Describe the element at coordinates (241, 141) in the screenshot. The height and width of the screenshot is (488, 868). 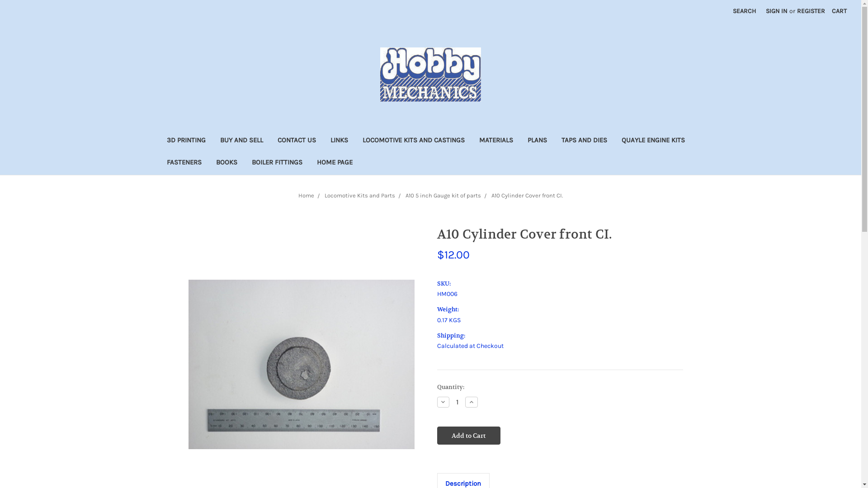
I see `'BUY AND SELL'` at that location.